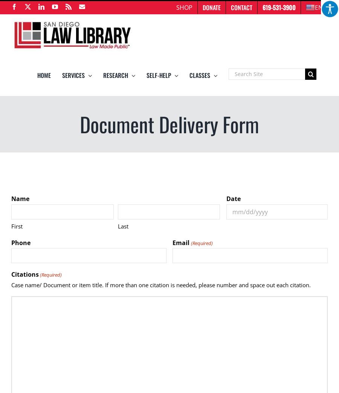 The height and width of the screenshot is (393, 339). Describe the element at coordinates (163, 151) in the screenshot. I see `'Clinics'` at that location.